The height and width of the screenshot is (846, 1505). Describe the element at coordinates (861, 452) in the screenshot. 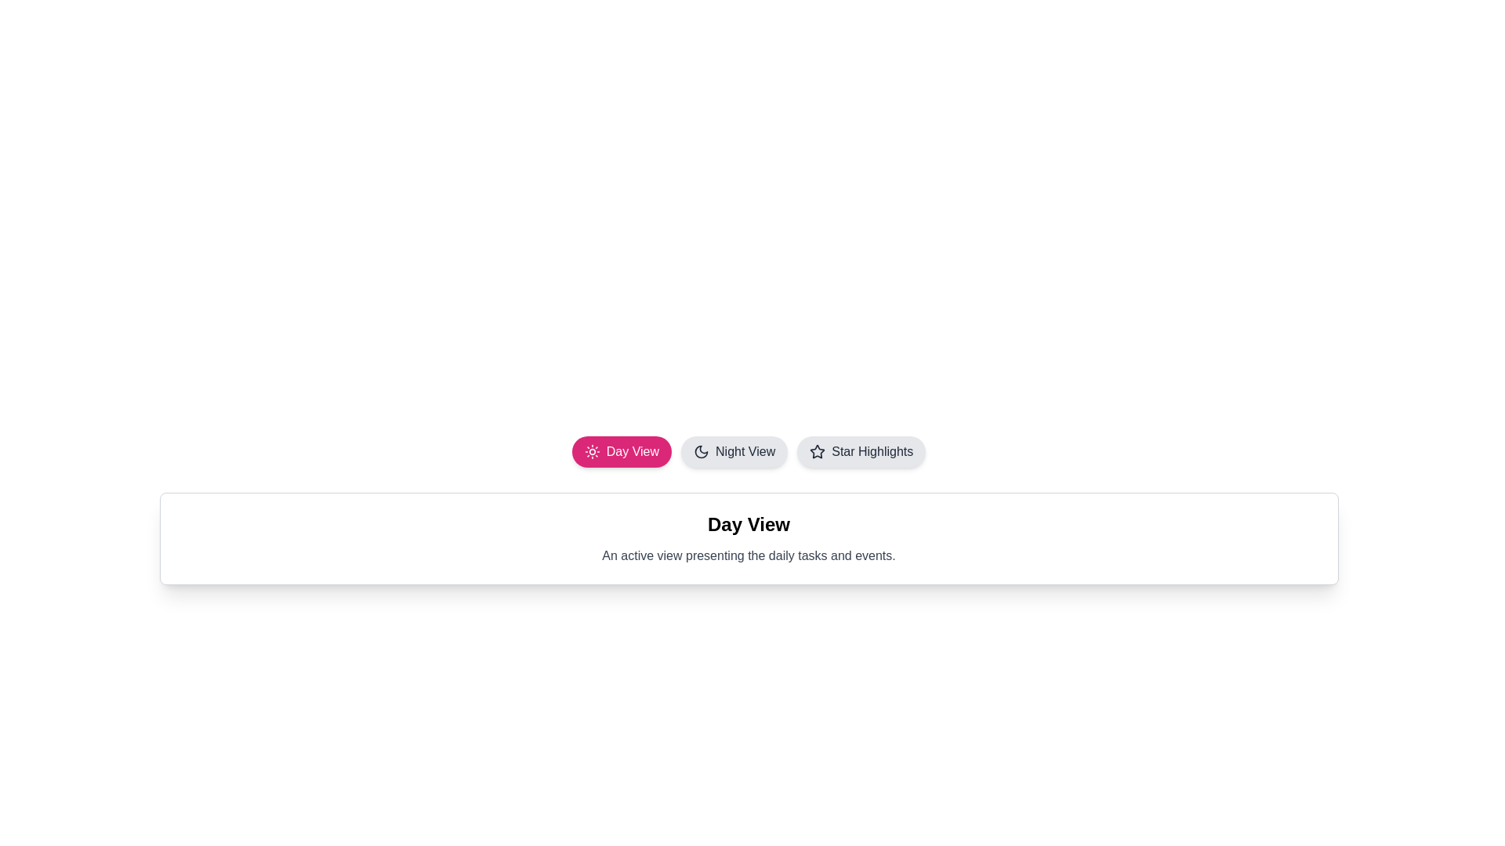

I see `the Star Highlights button for keyboard interaction` at that location.